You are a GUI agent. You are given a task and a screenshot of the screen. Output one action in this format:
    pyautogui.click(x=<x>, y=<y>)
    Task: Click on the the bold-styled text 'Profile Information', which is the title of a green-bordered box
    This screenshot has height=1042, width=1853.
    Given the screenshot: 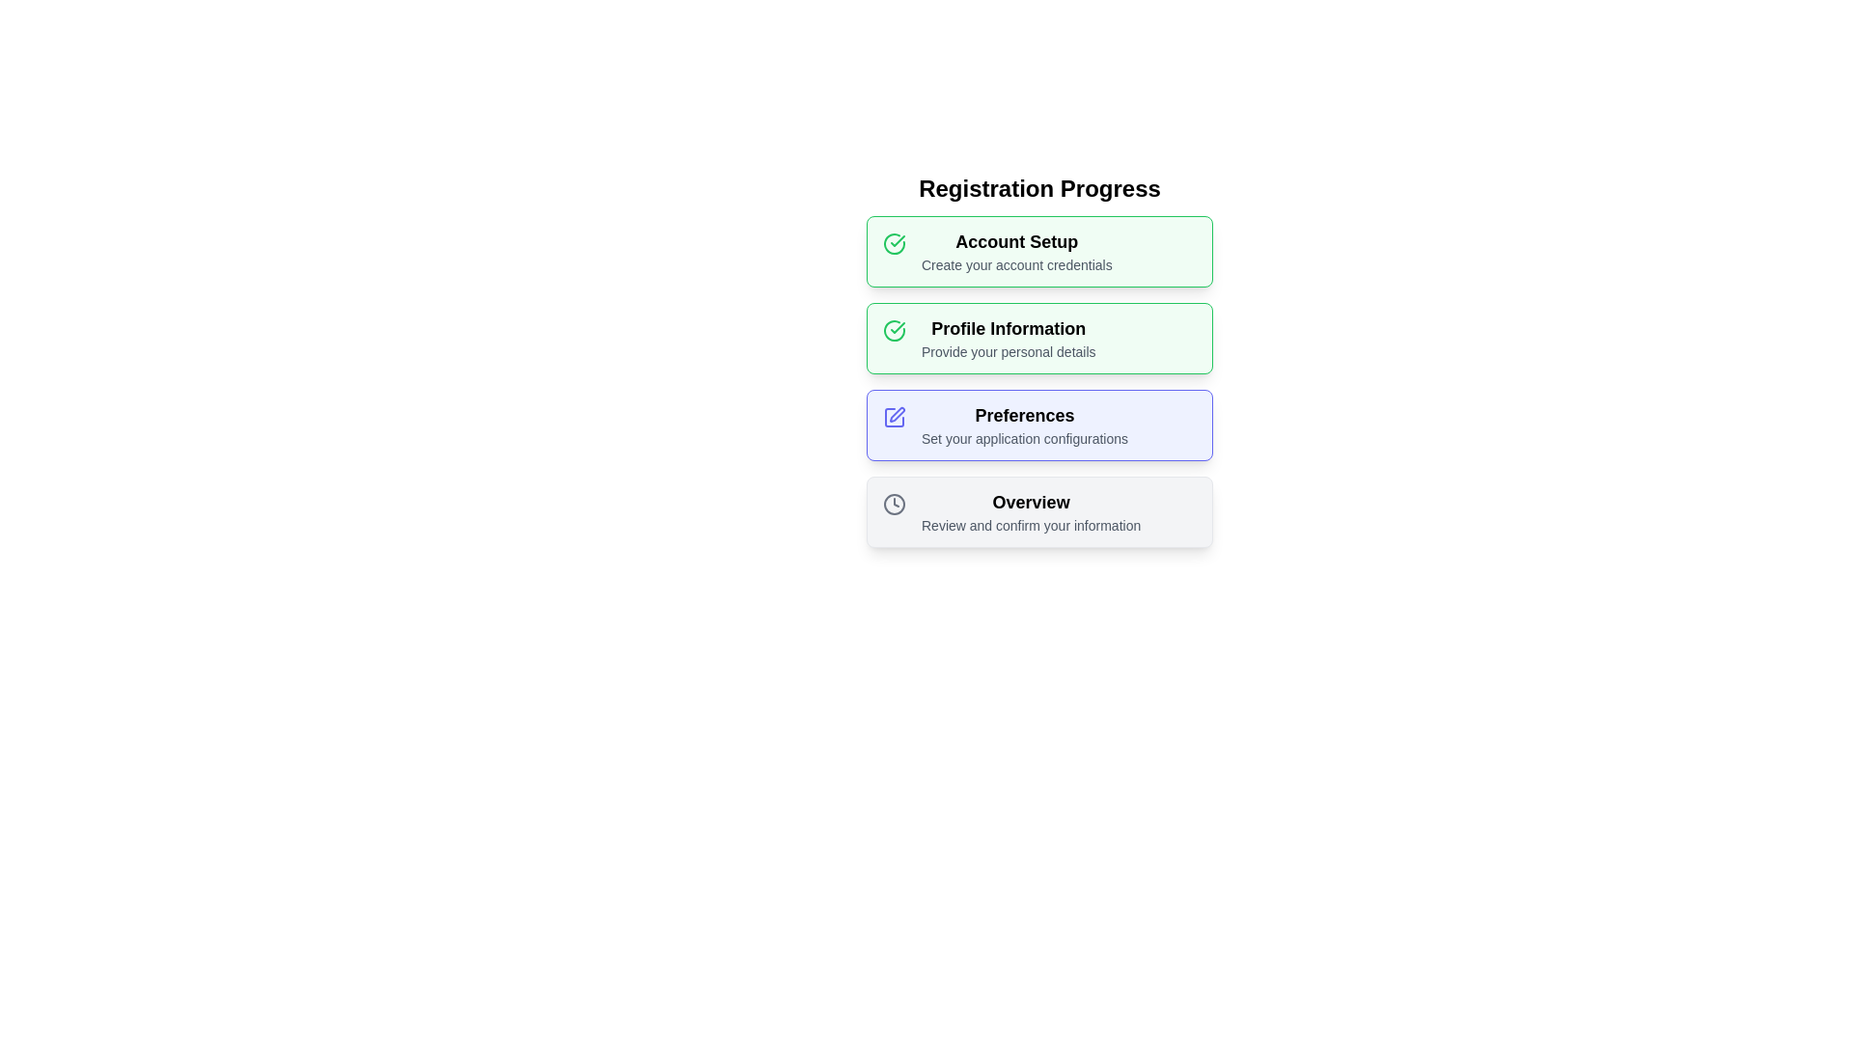 What is the action you would take?
    pyautogui.click(x=1008, y=327)
    